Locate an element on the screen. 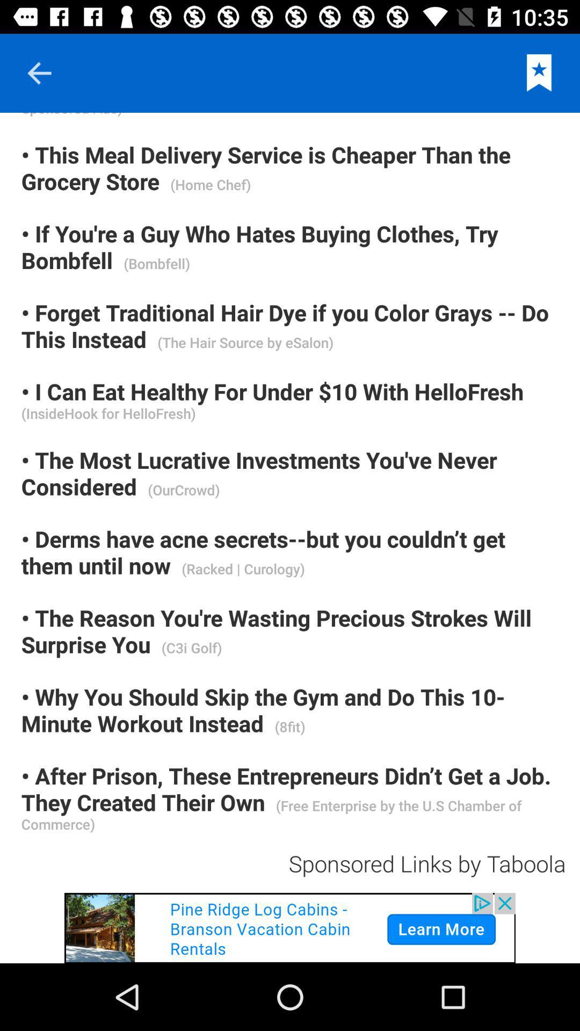  the bookmark icon is located at coordinates (539, 72).